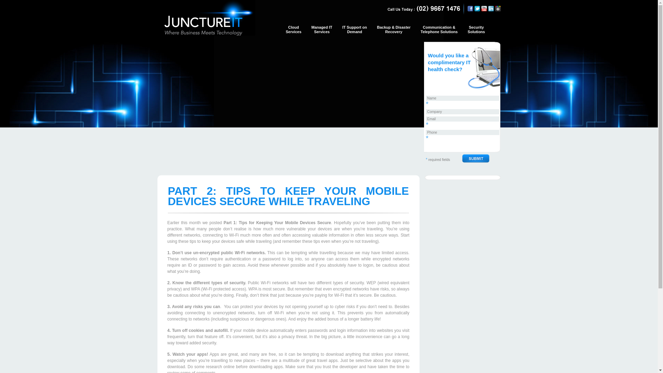 This screenshot has width=663, height=373. I want to click on 'Backup & Disaster, so click(374, 31).